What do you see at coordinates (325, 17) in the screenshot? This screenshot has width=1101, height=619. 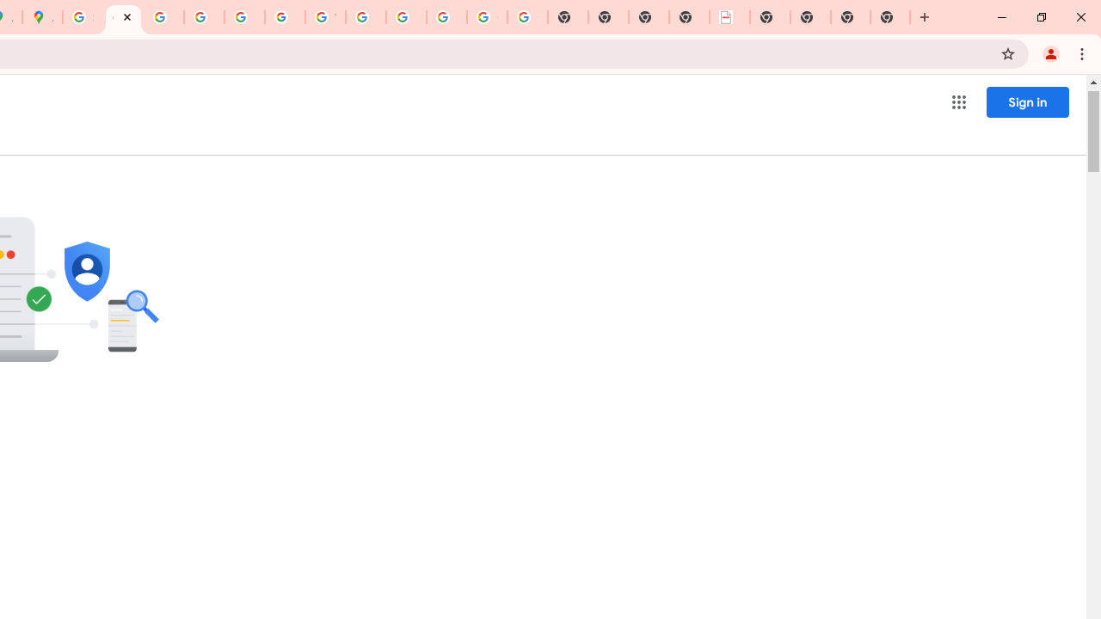 I see `'YouTube'` at bounding box center [325, 17].